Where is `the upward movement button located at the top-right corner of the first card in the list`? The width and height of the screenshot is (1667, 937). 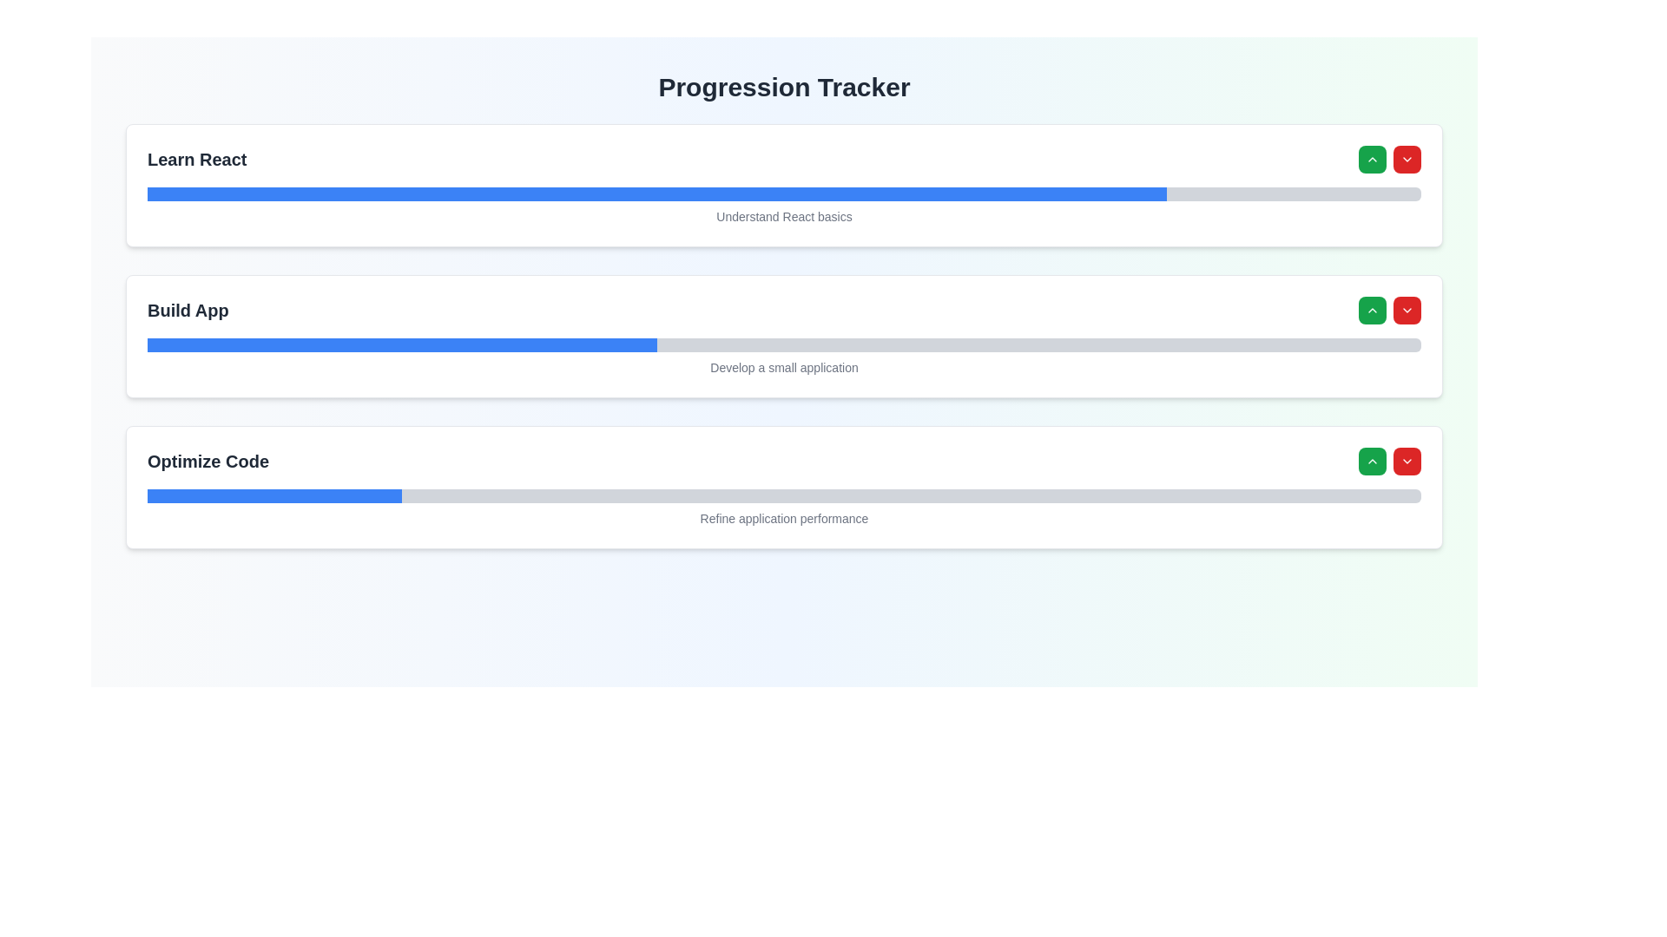 the upward movement button located at the top-right corner of the first card in the list is located at coordinates (1371, 160).